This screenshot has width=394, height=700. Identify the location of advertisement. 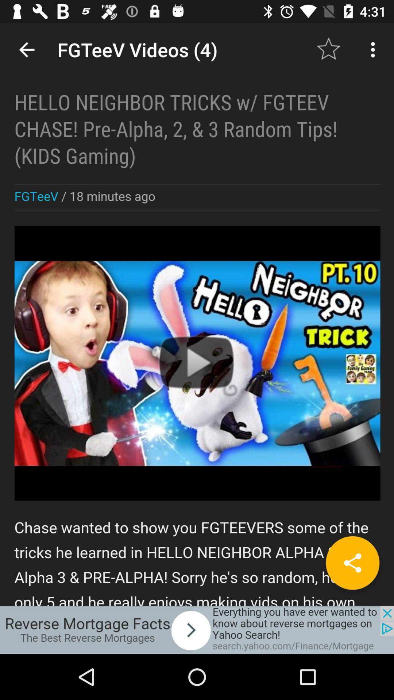
(197, 630).